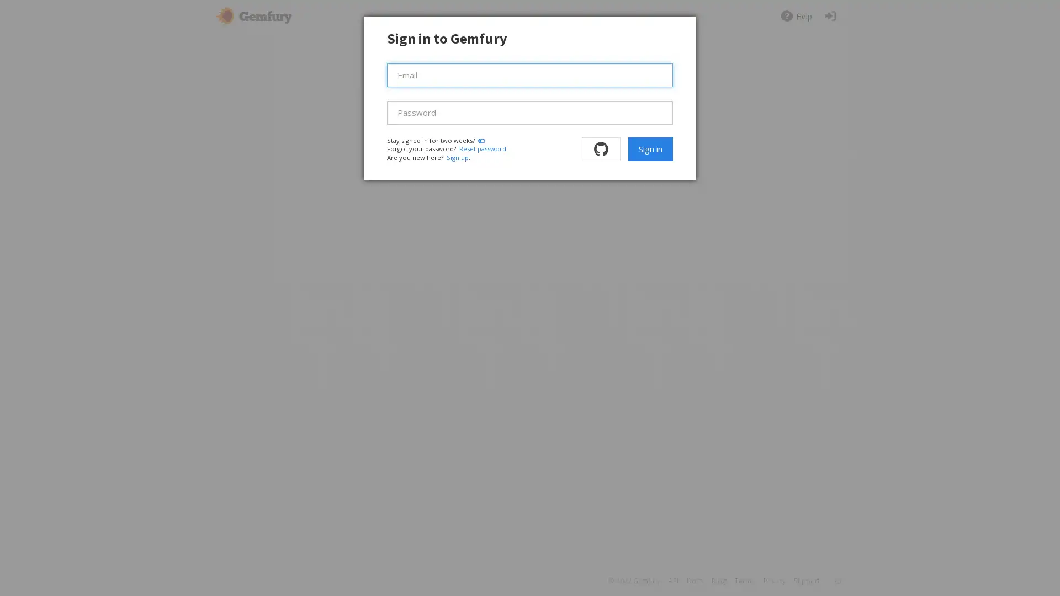 This screenshot has height=596, width=1060. I want to click on Sign in, so click(650, 149).